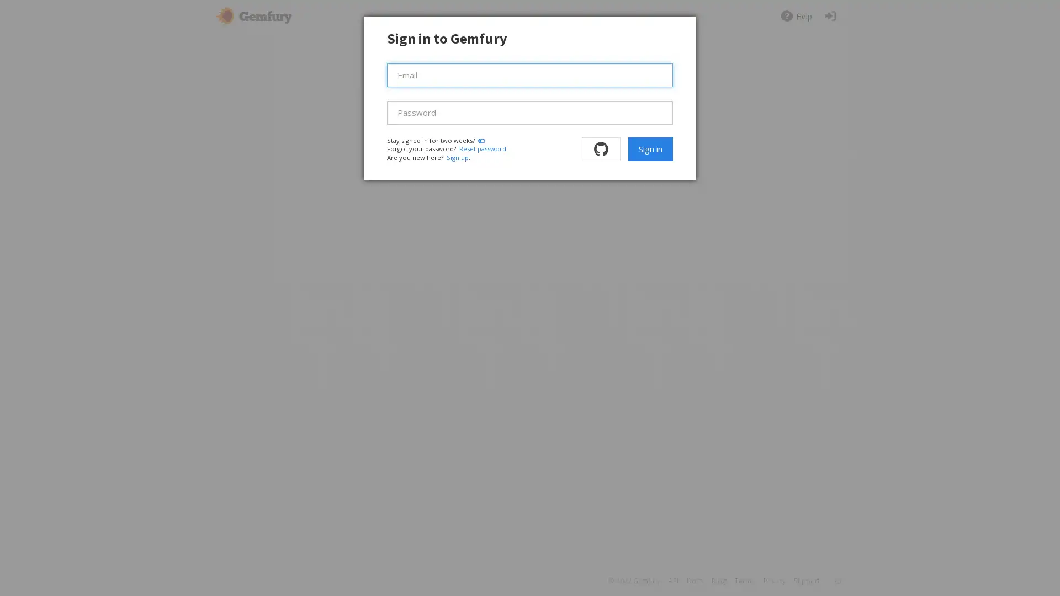 This screenshot has height=596, width=1060. I want to click on Sign in, so click(650, 149).